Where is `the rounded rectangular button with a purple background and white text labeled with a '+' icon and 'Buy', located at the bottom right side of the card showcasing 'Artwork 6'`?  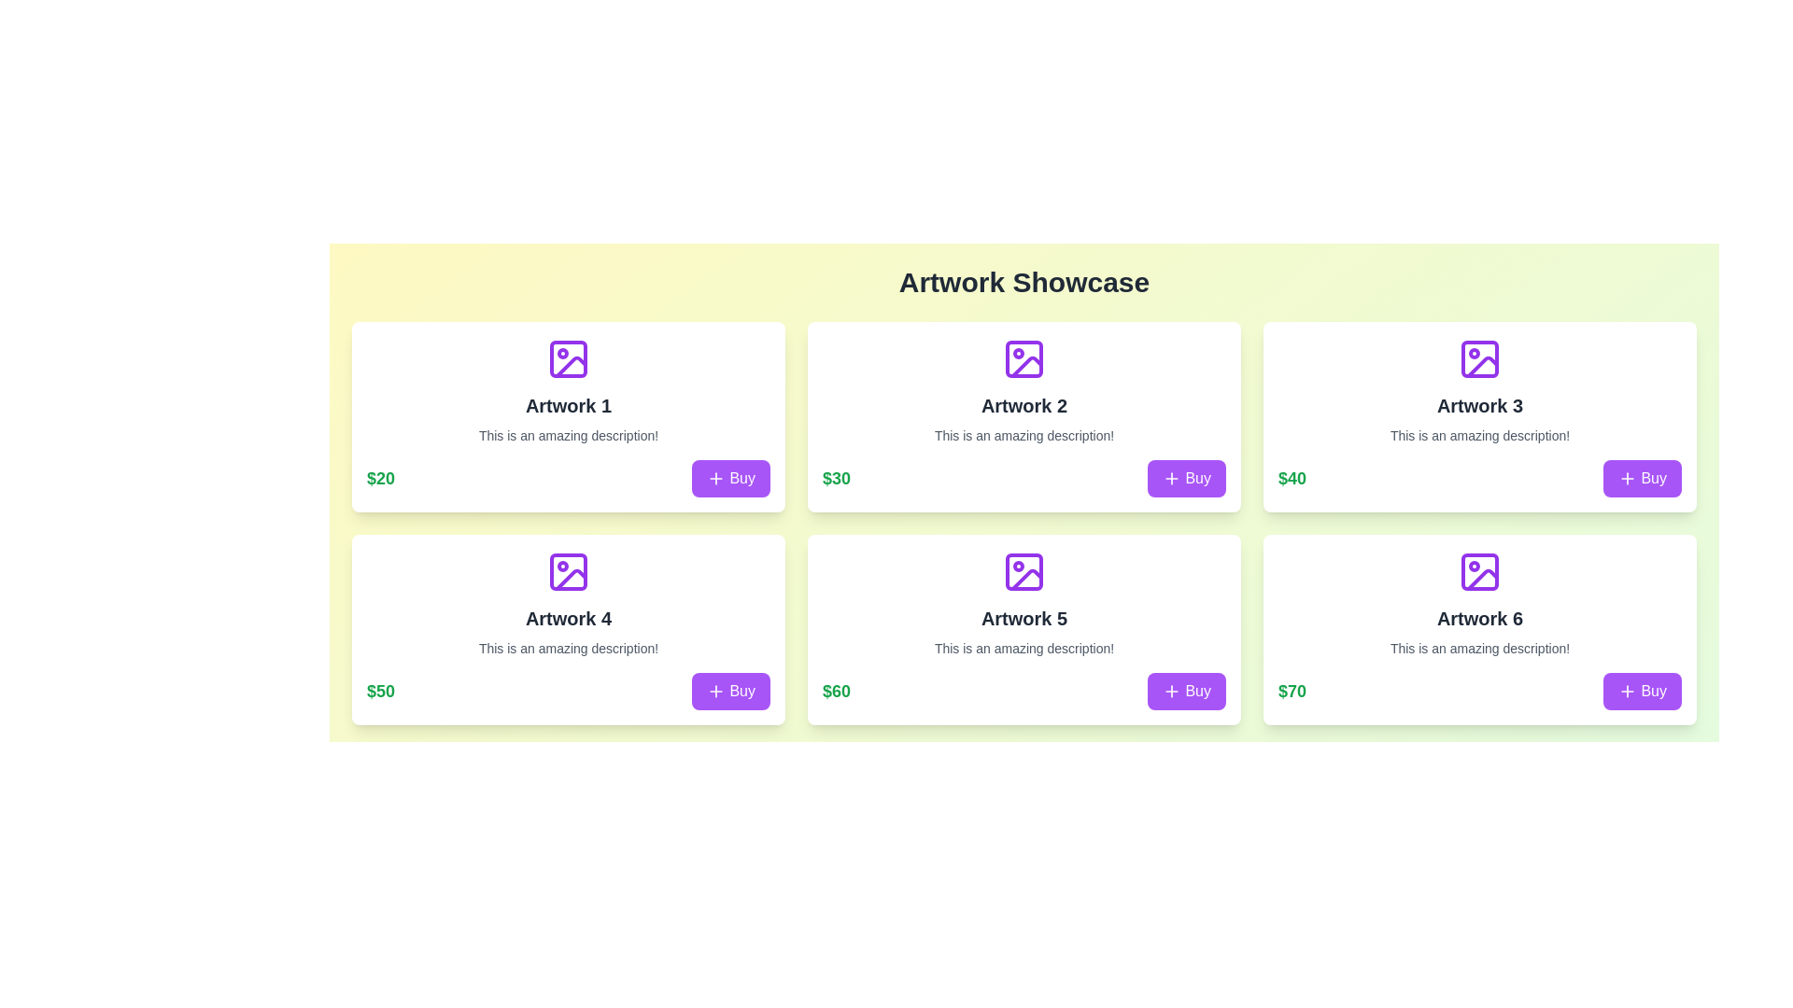
the rounded rectangular button with a purple background and white text labeled with a '+' icon and 'Buy', located at the bottom right side of the card showcasing 'Artwork 6' is located at coordinates (1642, 691).